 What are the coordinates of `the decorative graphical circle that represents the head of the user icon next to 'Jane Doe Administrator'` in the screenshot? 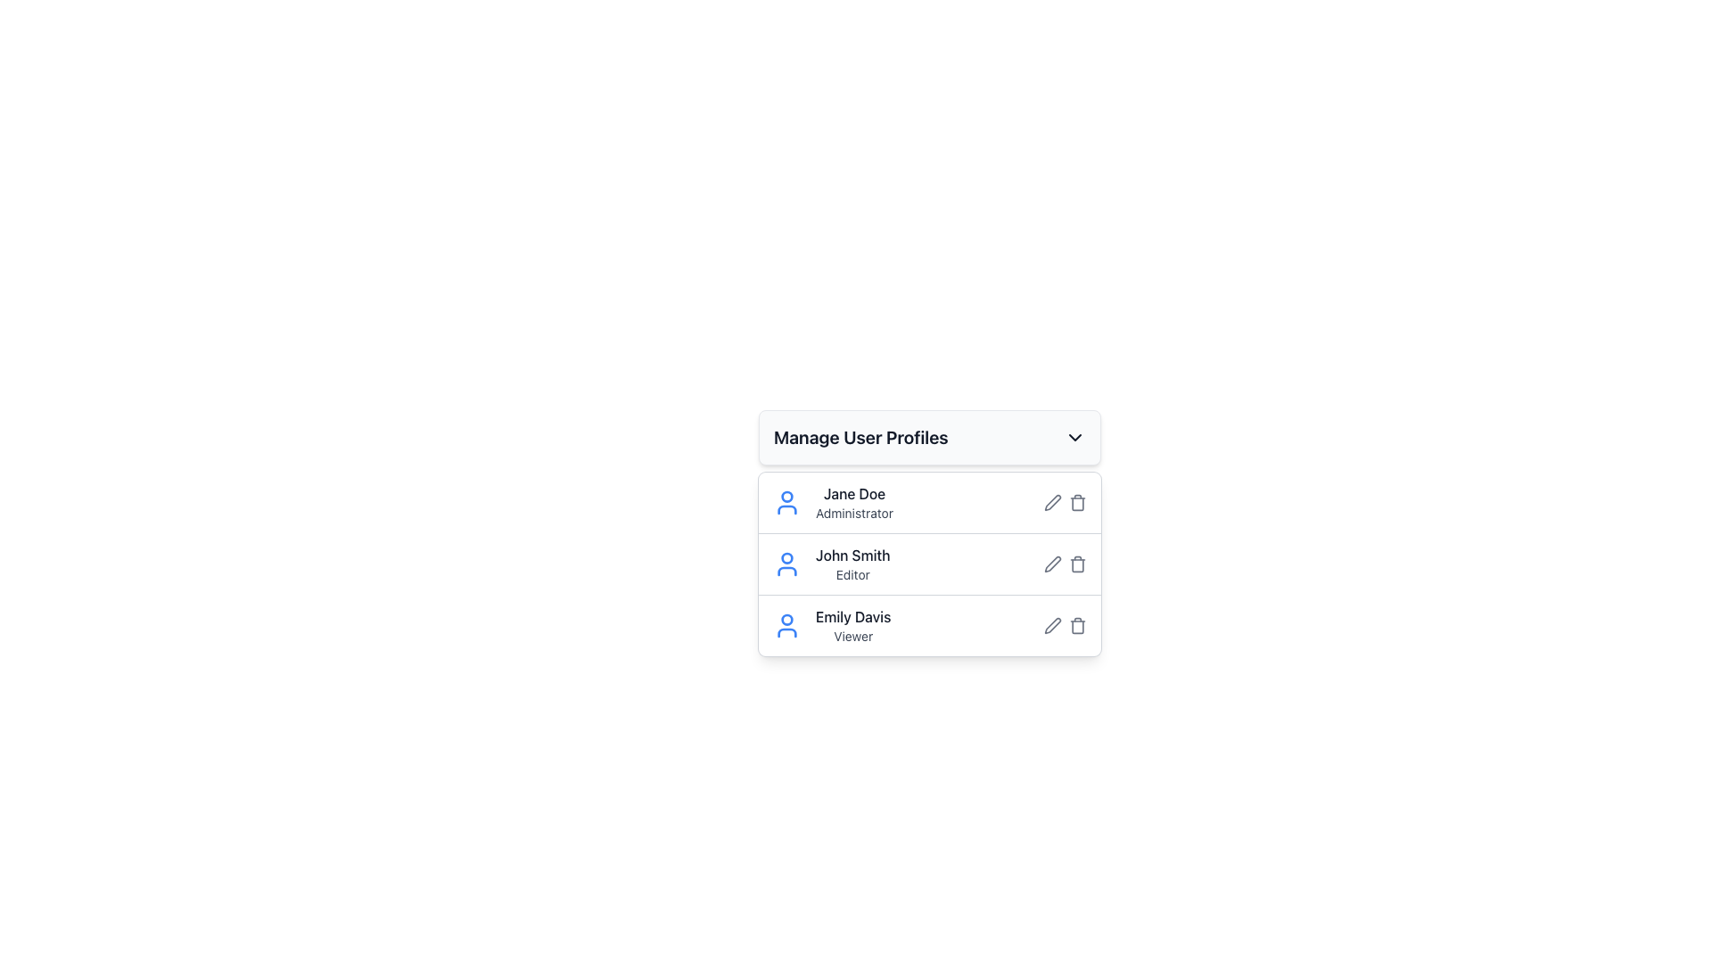 It's located at (786, 496).